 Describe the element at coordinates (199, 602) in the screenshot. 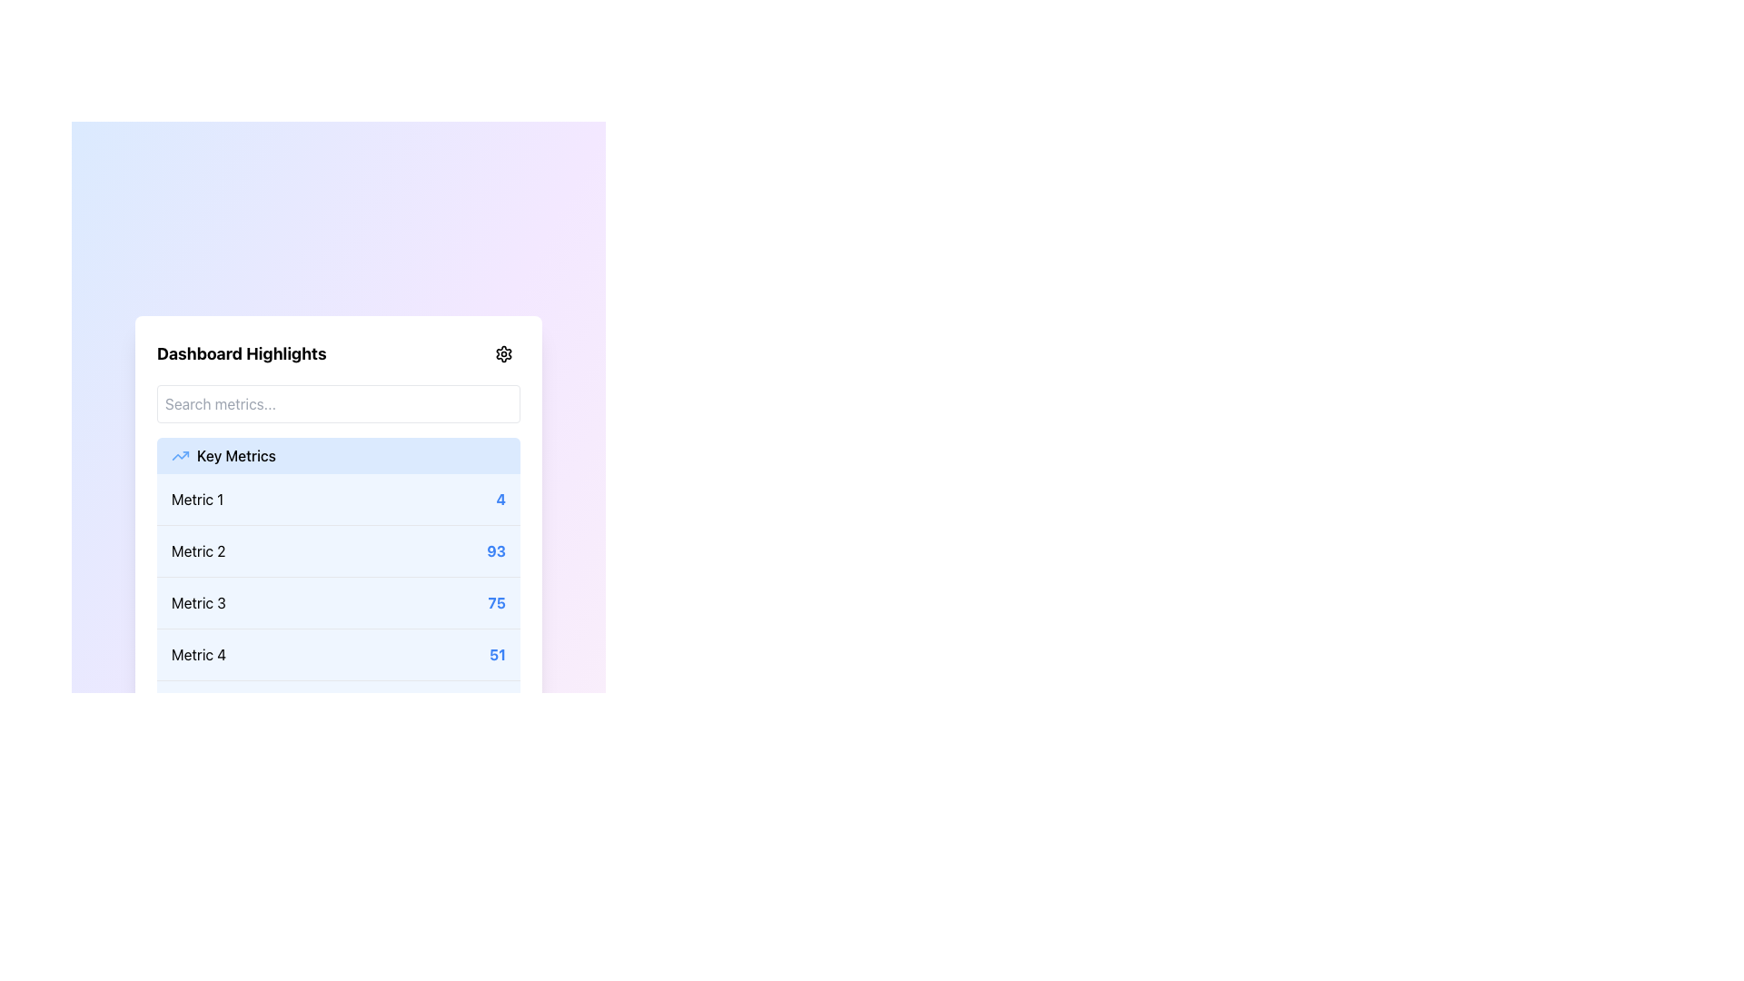

I see `text label displaying 'Metric 3' which is formatted in black on a light blue background, located within the 'Key Metrics' list in the main interface` at that location.